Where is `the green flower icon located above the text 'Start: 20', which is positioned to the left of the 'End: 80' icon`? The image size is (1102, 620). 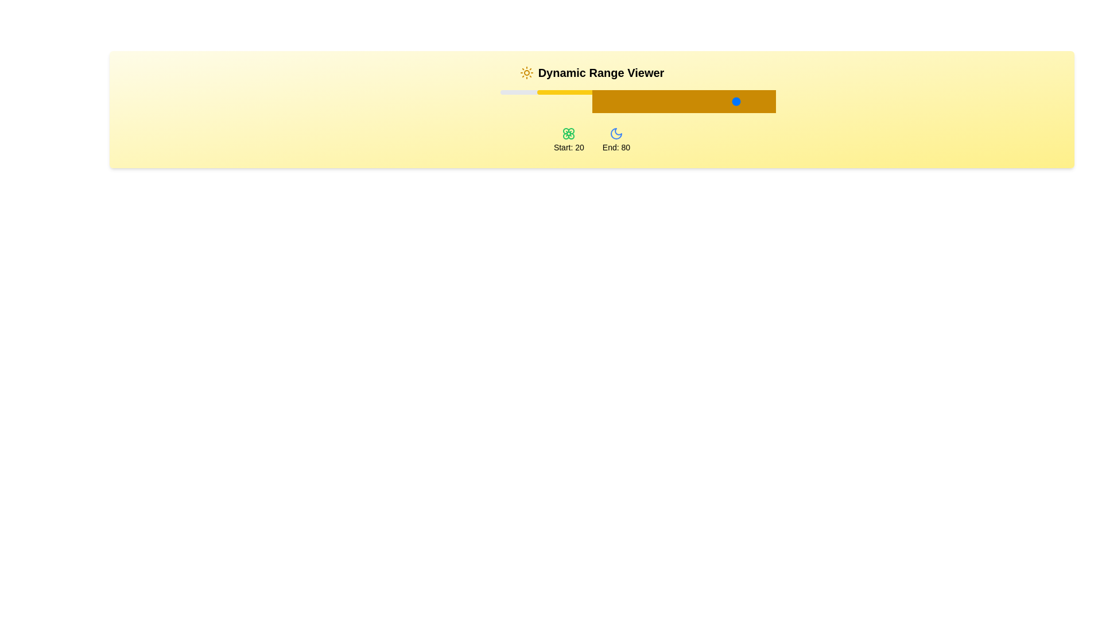 the green flower icon located above the text 'Start: 20', which is positioned to the left of the 'End: 80' icon is located at coordinates (569, 133).